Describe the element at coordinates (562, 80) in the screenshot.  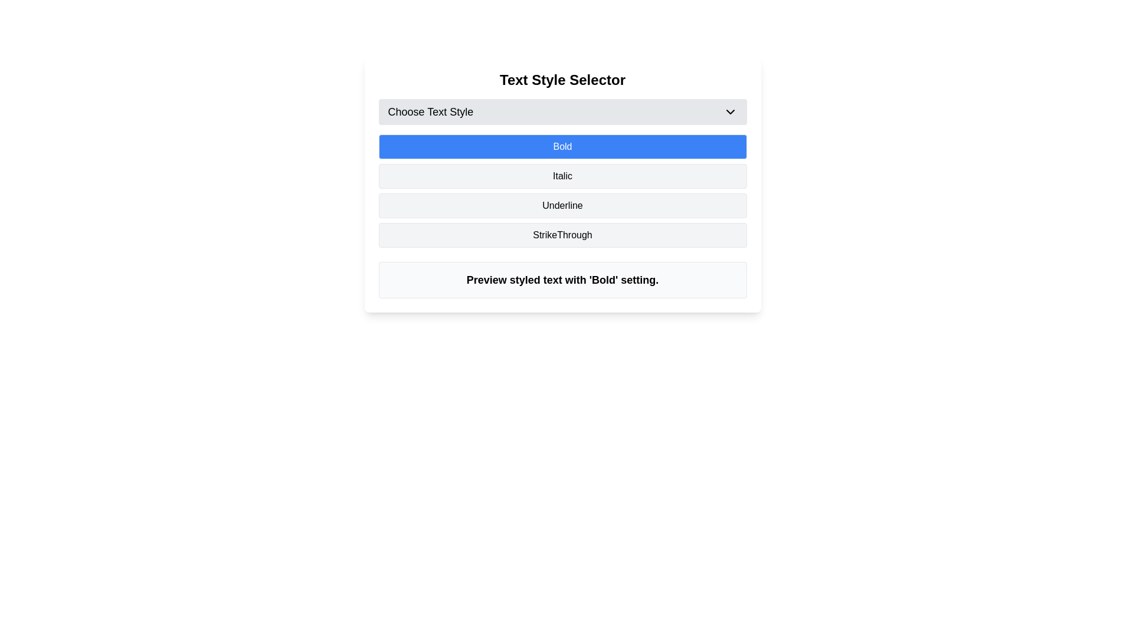
I see `static text label that serves as a header for the section, located above the dropdown labeled 'Choose Text Style'` at that location.